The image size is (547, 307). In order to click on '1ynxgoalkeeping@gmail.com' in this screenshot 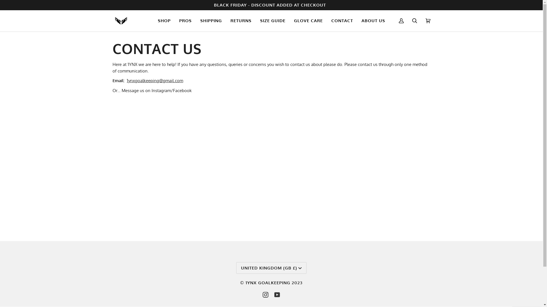, I will do `click(126, 81)`.